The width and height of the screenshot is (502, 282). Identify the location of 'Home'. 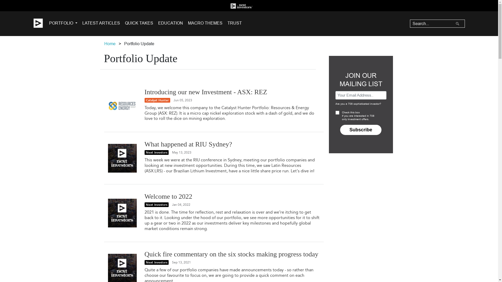
(109, 43).